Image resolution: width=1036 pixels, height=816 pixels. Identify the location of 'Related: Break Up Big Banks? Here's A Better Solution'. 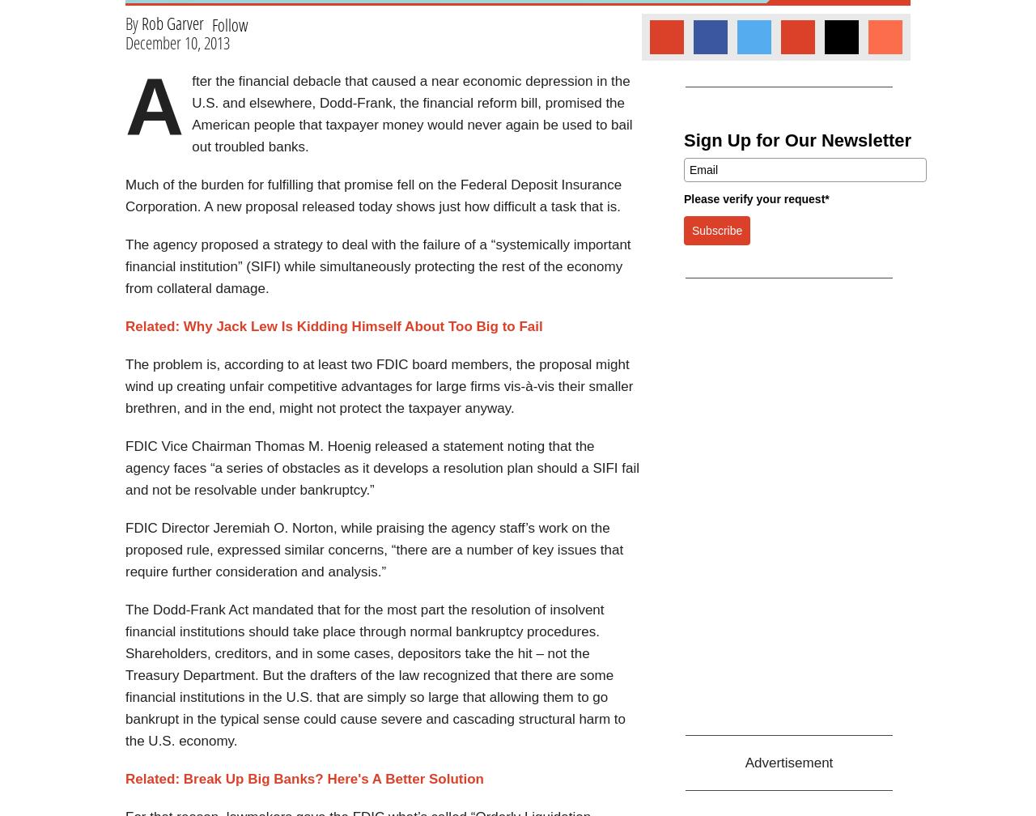
(304, 779).